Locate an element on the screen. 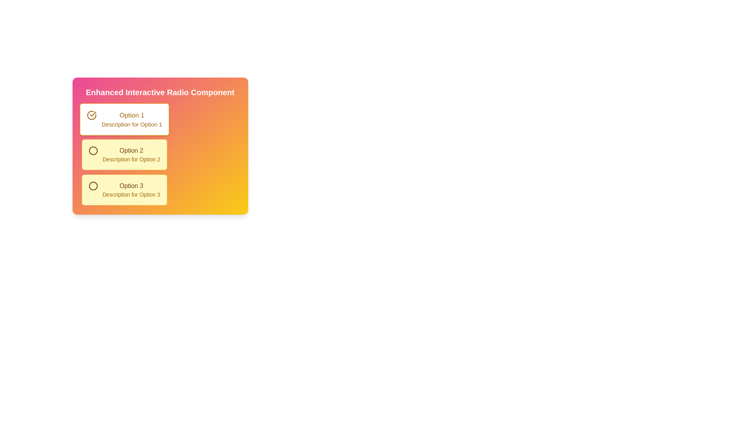 This screenshot has height=423, width=753. the text display representing the title and description of the second selectable option in the radio button list, located between 'Option 1' and 'Option 3' is located at coordinates (131, 154).